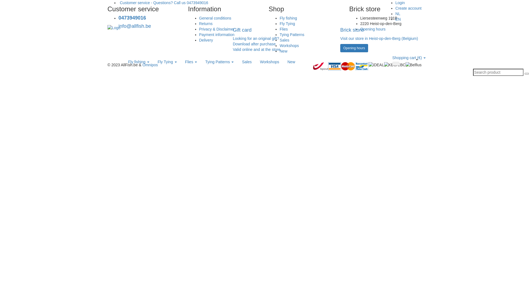  I want to click on 'Privacy & Disclaimer', so click(216, 29).